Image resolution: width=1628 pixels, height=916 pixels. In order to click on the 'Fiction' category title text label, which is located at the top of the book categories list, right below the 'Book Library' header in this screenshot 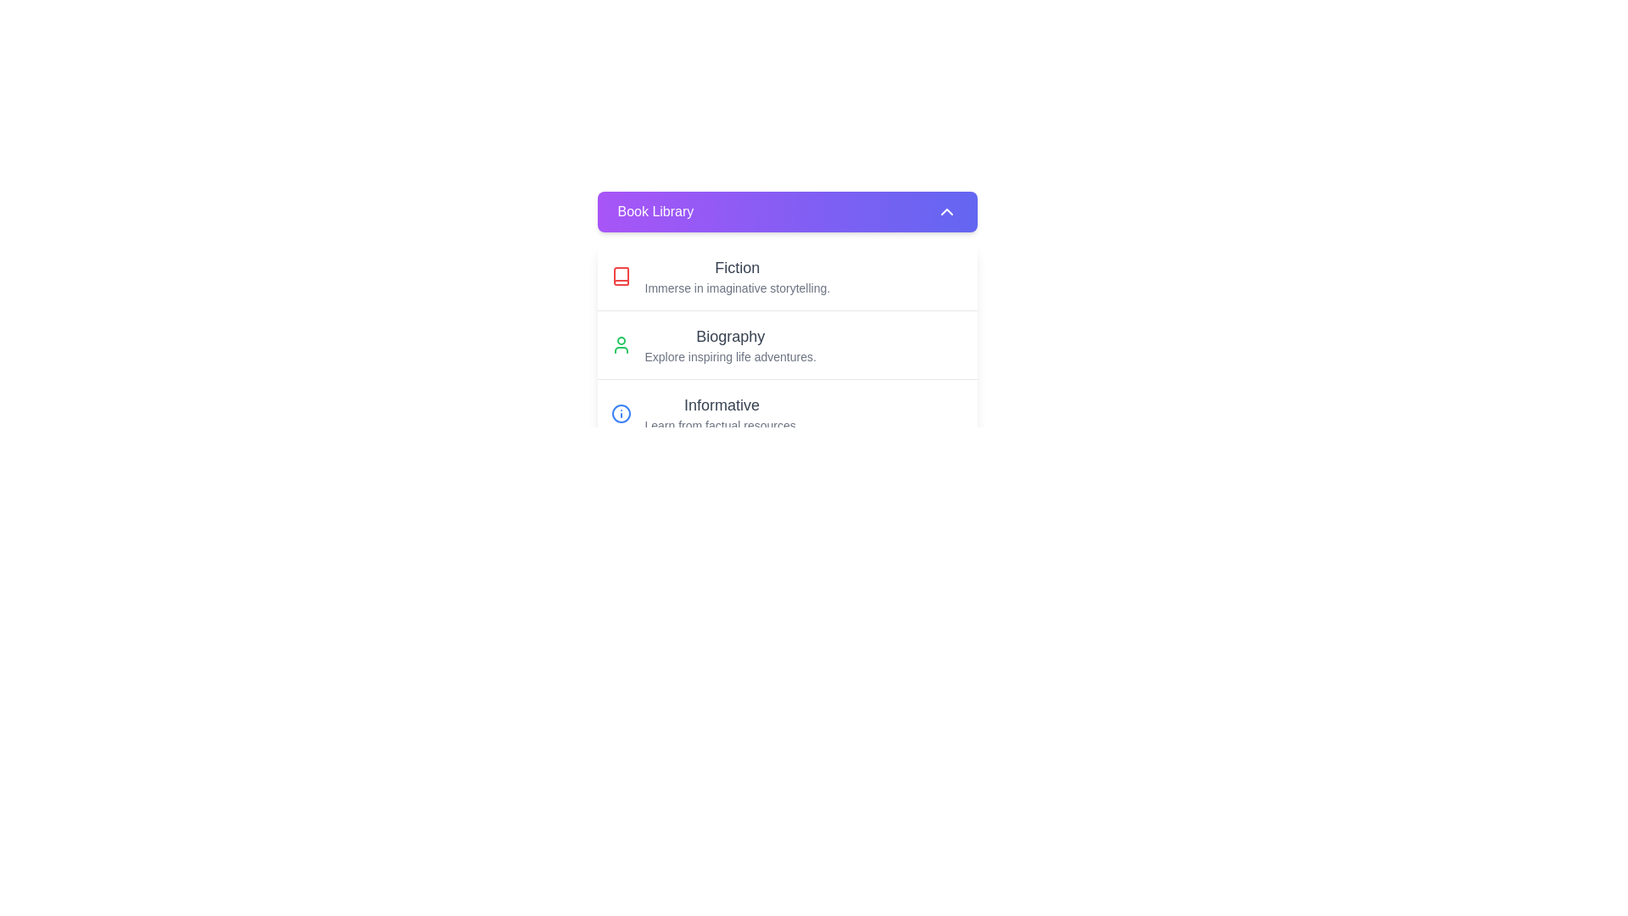, I will do `click(737, 267)`.